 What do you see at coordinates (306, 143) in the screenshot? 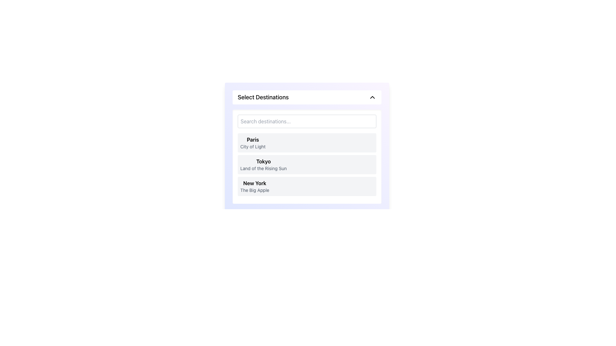
I see `the first selectable list item representing the destination 'Paris' with the descriptor 'City of Light'` at bounding box center [306, 143].